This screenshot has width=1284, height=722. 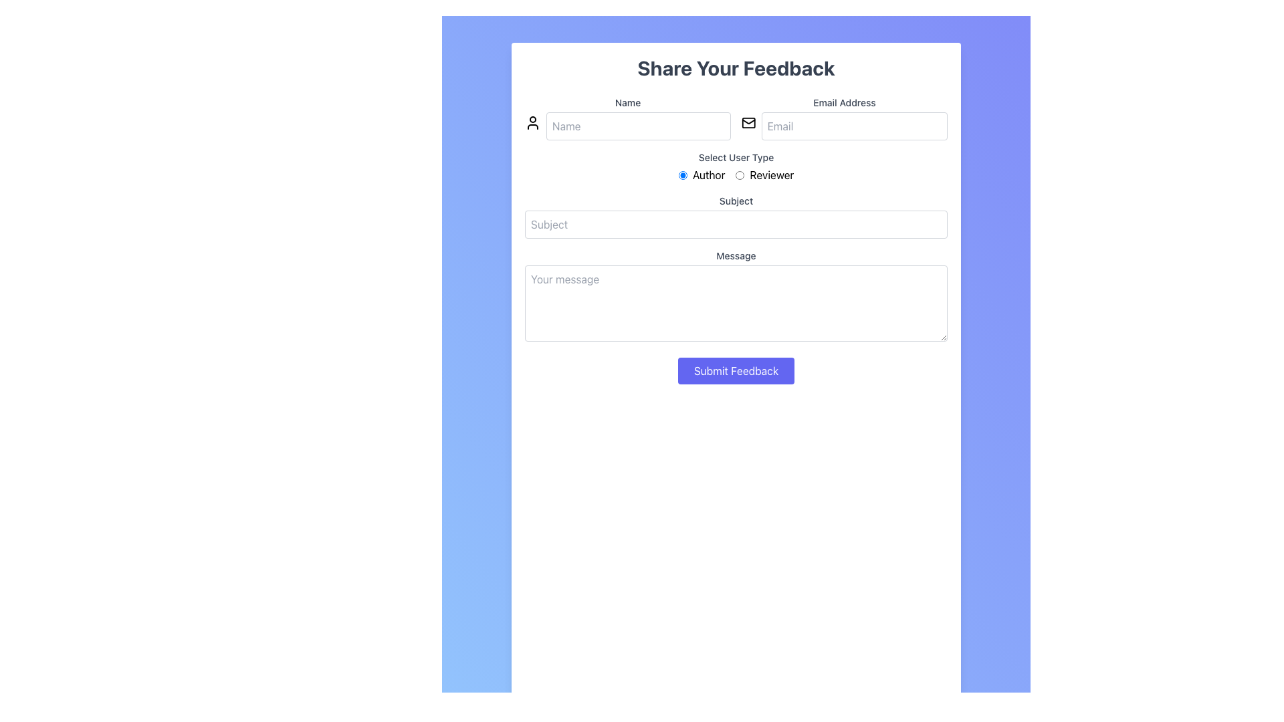 What do you see at coordinates (843, 118) in the screenshot?
I see `the email input field located to the right of the 'Name' input field in the upper-right section of the form` at bounding box center [843, 118].